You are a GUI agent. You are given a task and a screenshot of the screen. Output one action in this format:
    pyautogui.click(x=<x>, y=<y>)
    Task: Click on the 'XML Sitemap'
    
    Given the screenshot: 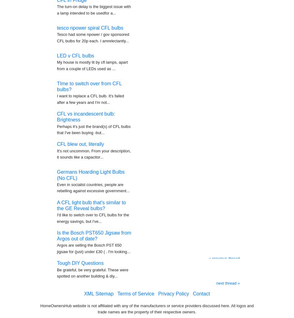 What is the action you would take?
    pyautogui.click(x=98, y=291)
    